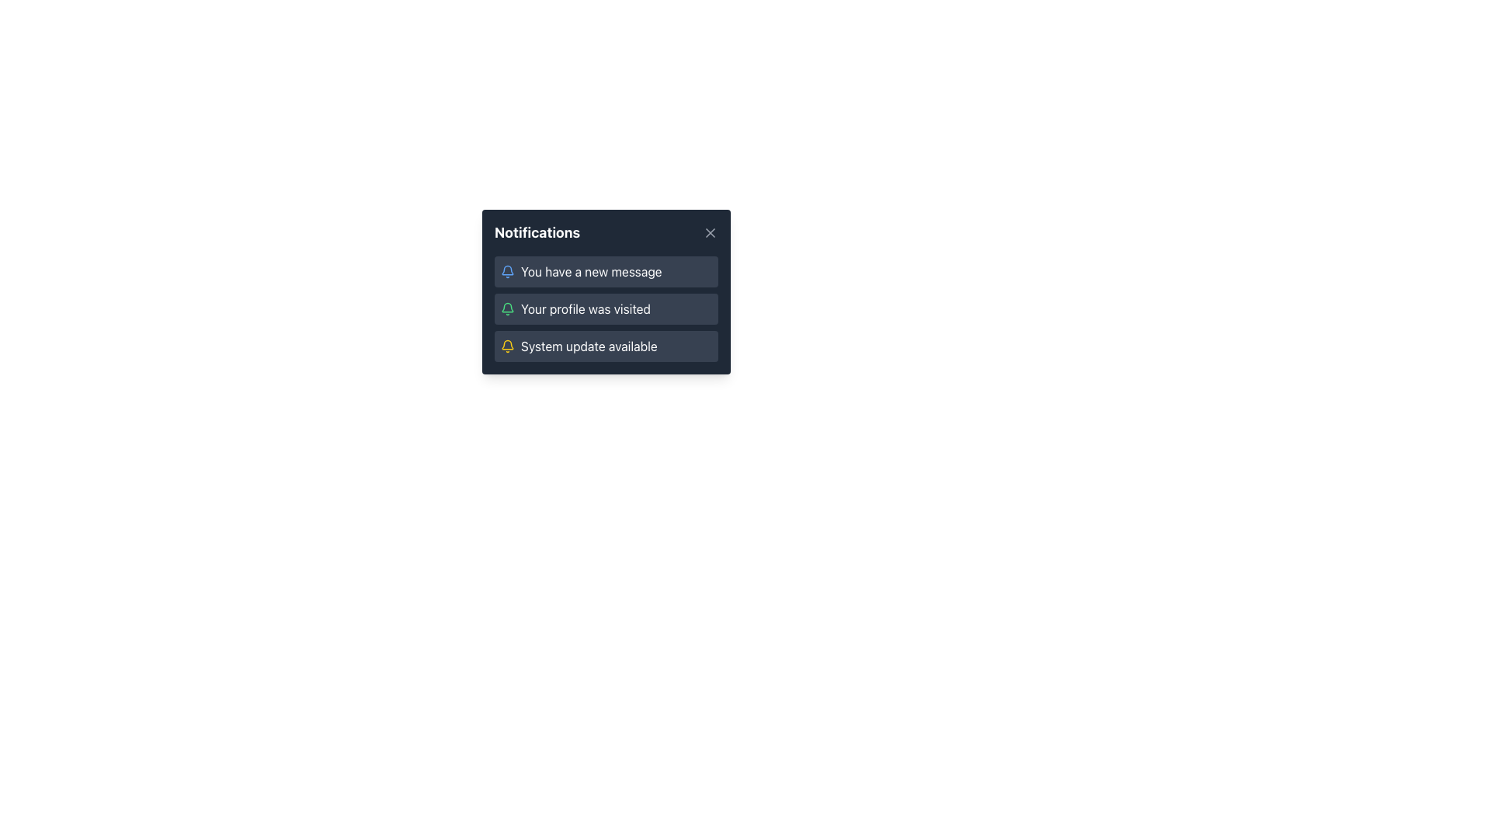 The width and height of the screenshot is (1491, 839). What do you see at coordinates (710, 233) in the screenshot?
I see `the close button located in the top-right corner of the modal` at bounding box center [710, 233].